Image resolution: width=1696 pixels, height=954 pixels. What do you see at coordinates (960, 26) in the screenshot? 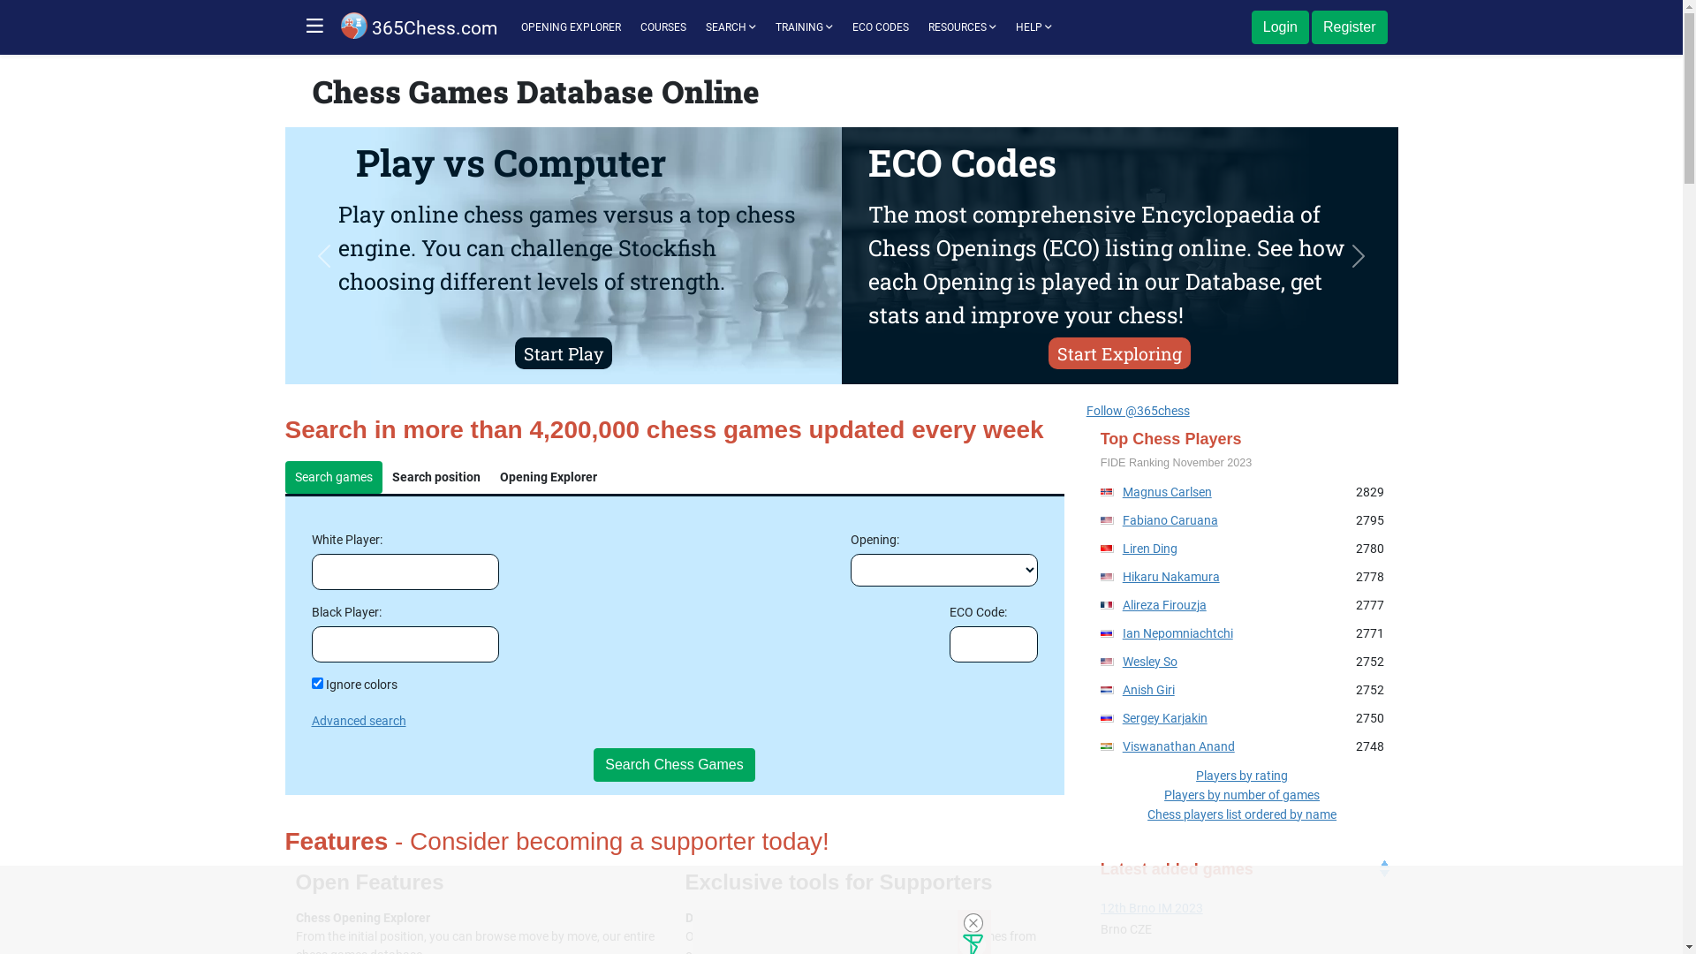
I see `'RESOURCES'` at bounding box center [960, 26].